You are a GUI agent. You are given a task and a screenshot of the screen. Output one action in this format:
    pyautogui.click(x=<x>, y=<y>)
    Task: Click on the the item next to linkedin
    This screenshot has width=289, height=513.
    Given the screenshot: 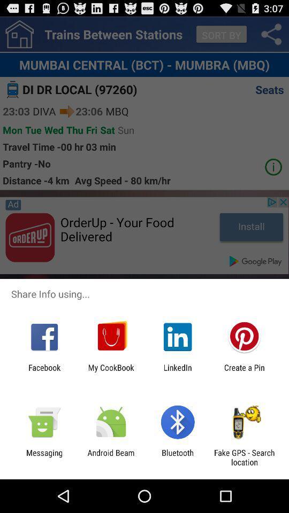 What is the action you would take?
    pyautogui.click(x=244, y=372)
    